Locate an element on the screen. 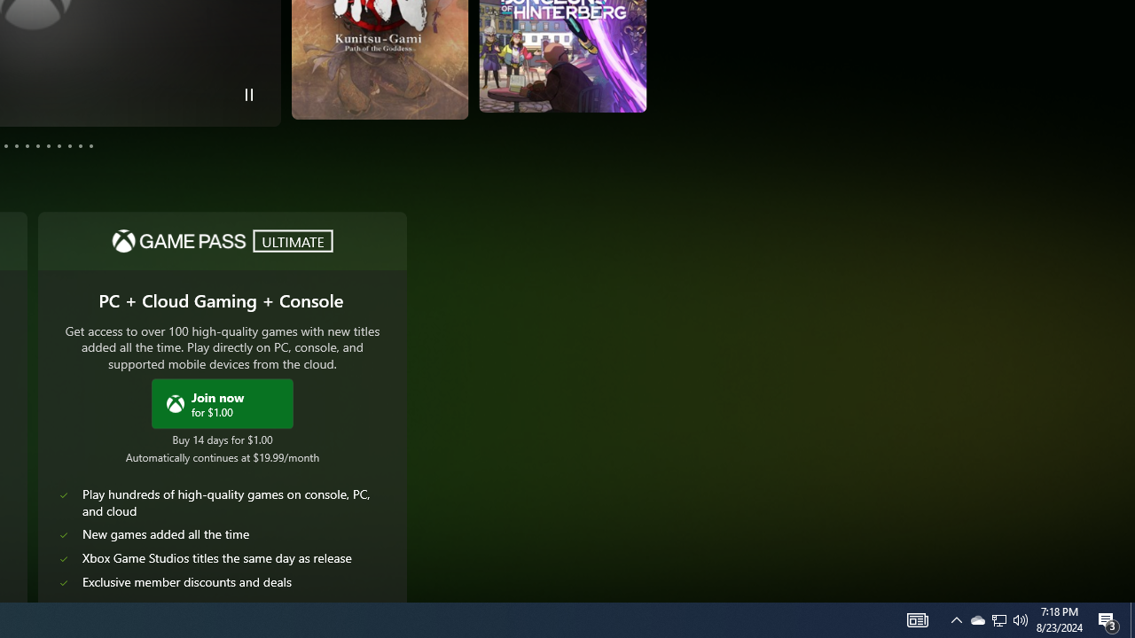  'Page 9' is located at coordinates (59, 144).